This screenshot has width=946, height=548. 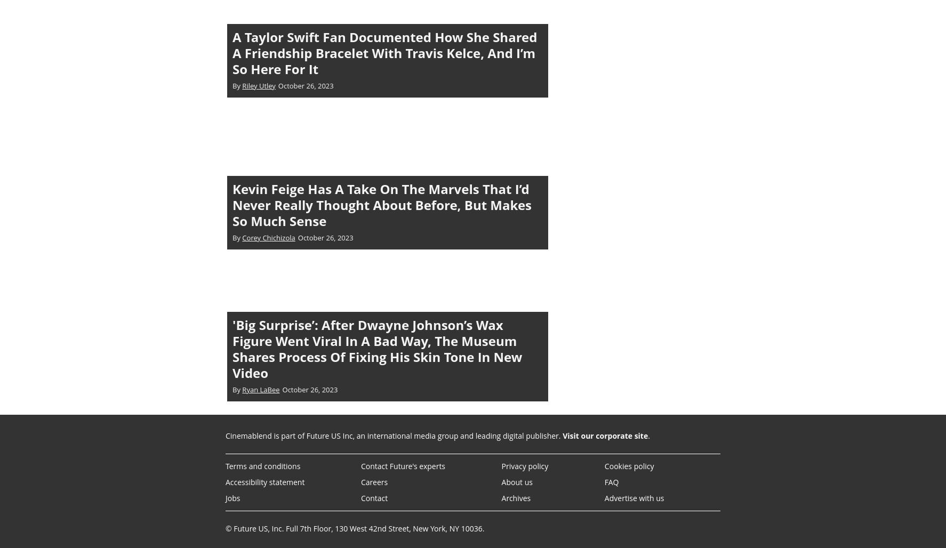 What do you see at coordinates (268, 237) in the screenshot?
I see `'Corey Chichizola'` at bounding box center [268, 237].